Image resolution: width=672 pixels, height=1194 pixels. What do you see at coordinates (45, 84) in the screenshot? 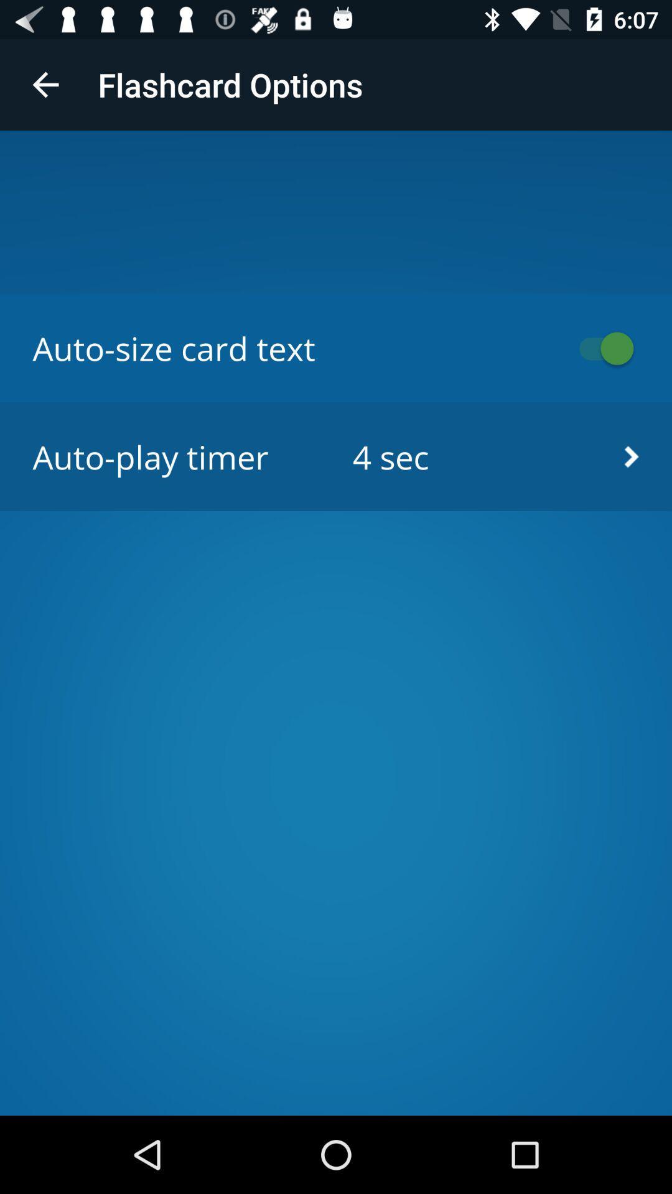
I see `the icon next to flashcard options` at bounding box center [45, 84].